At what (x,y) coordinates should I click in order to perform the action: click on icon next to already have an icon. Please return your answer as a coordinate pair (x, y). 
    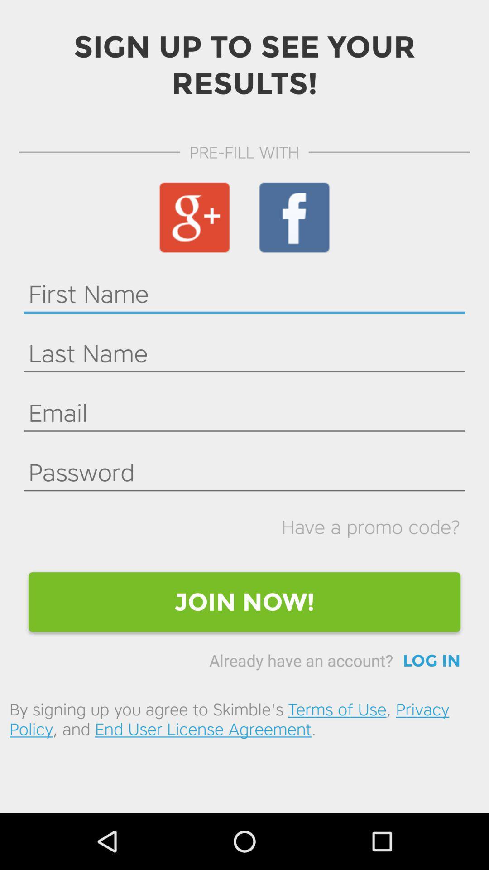
    Looking at the image, I should click on (431, 661).